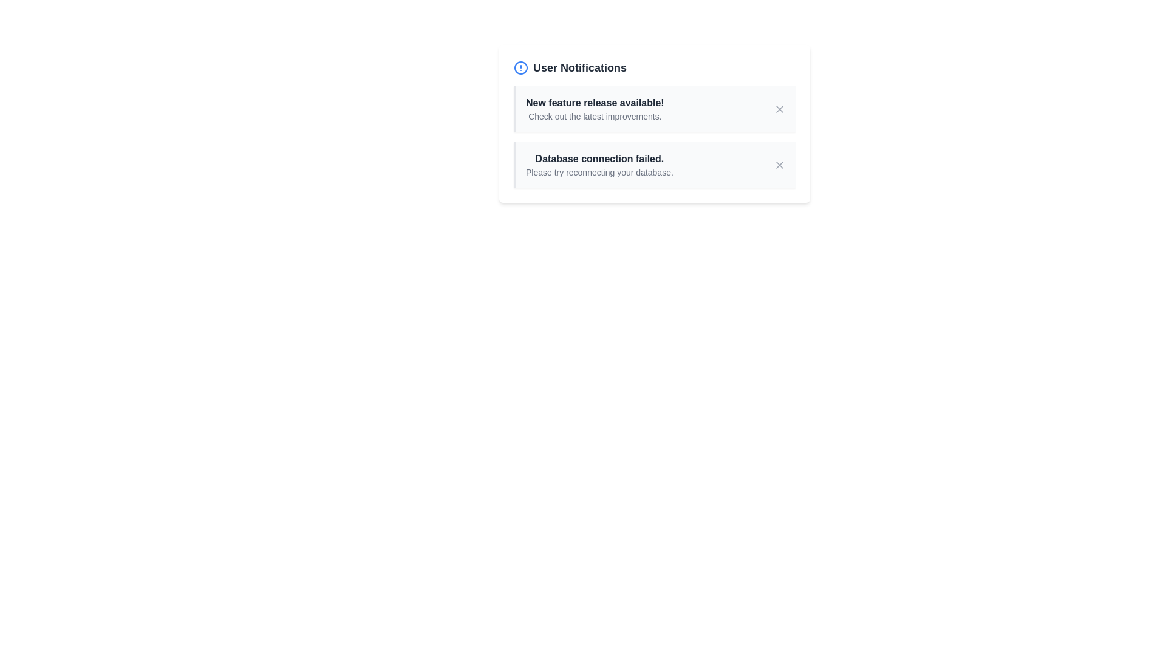 This screenshot has height=656, width=1166. What do you see at coordinates (521, 67) in the screenshot?
I see `the icon located at the top-left corner of the 'User Notifications' header section, which serves as a visual indicator or alert symbol` at bounding box center [521, 67].